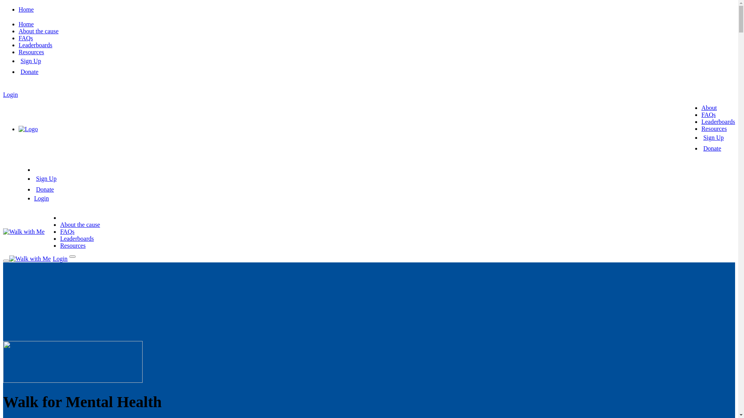  I want to click on 'About the cause', so click(38, 31).